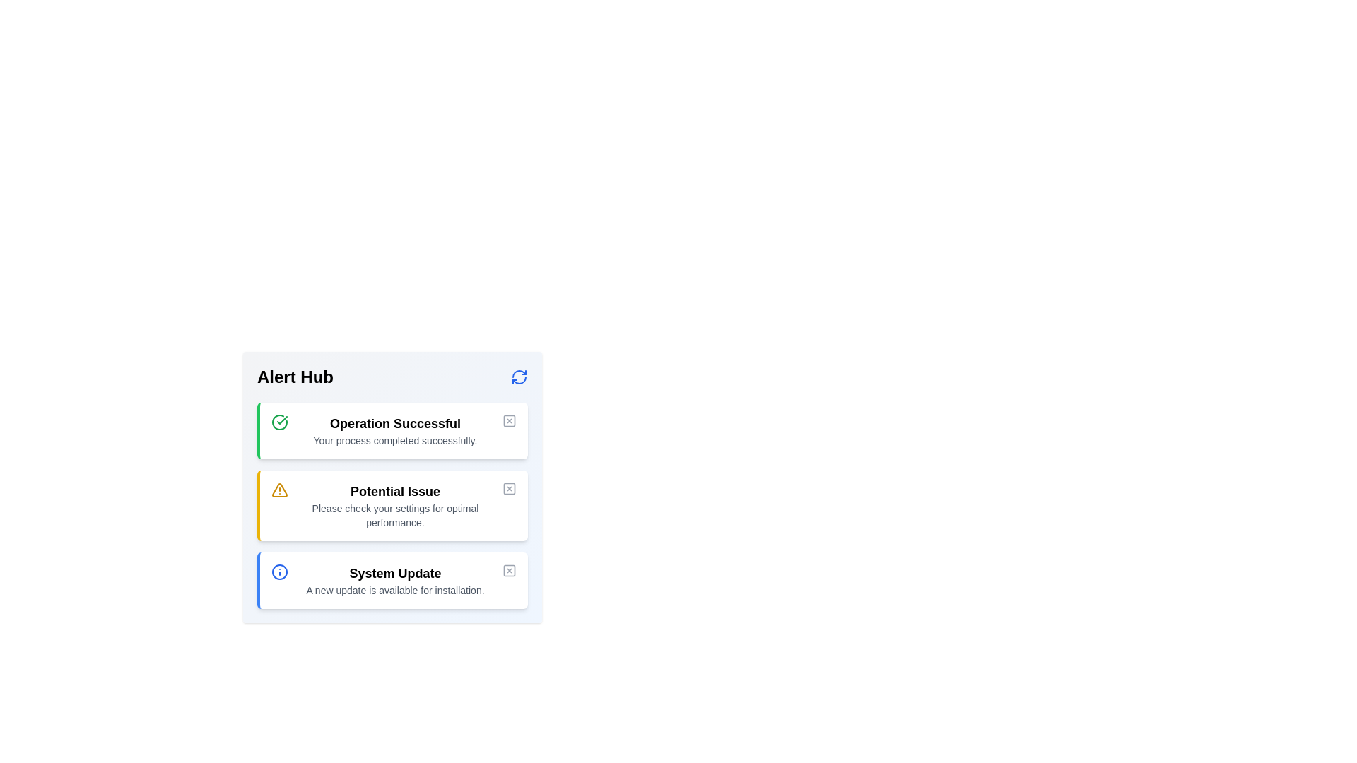 This screenshot has height=763, width=1357. Describe the element at coordinates (279, 572) in the screenshot. I see `icon on the left side of the 'System Update' notification card, which is the third item in the vertical stack, for additional details` at that location.